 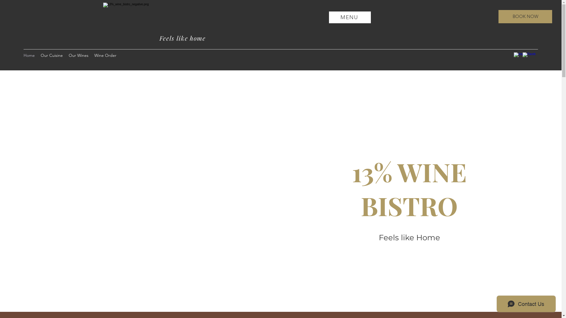 What do you see at coordinates (105, 55) in the screenshot?
I see `'Wine Order'` at bounding box center [105, 55].